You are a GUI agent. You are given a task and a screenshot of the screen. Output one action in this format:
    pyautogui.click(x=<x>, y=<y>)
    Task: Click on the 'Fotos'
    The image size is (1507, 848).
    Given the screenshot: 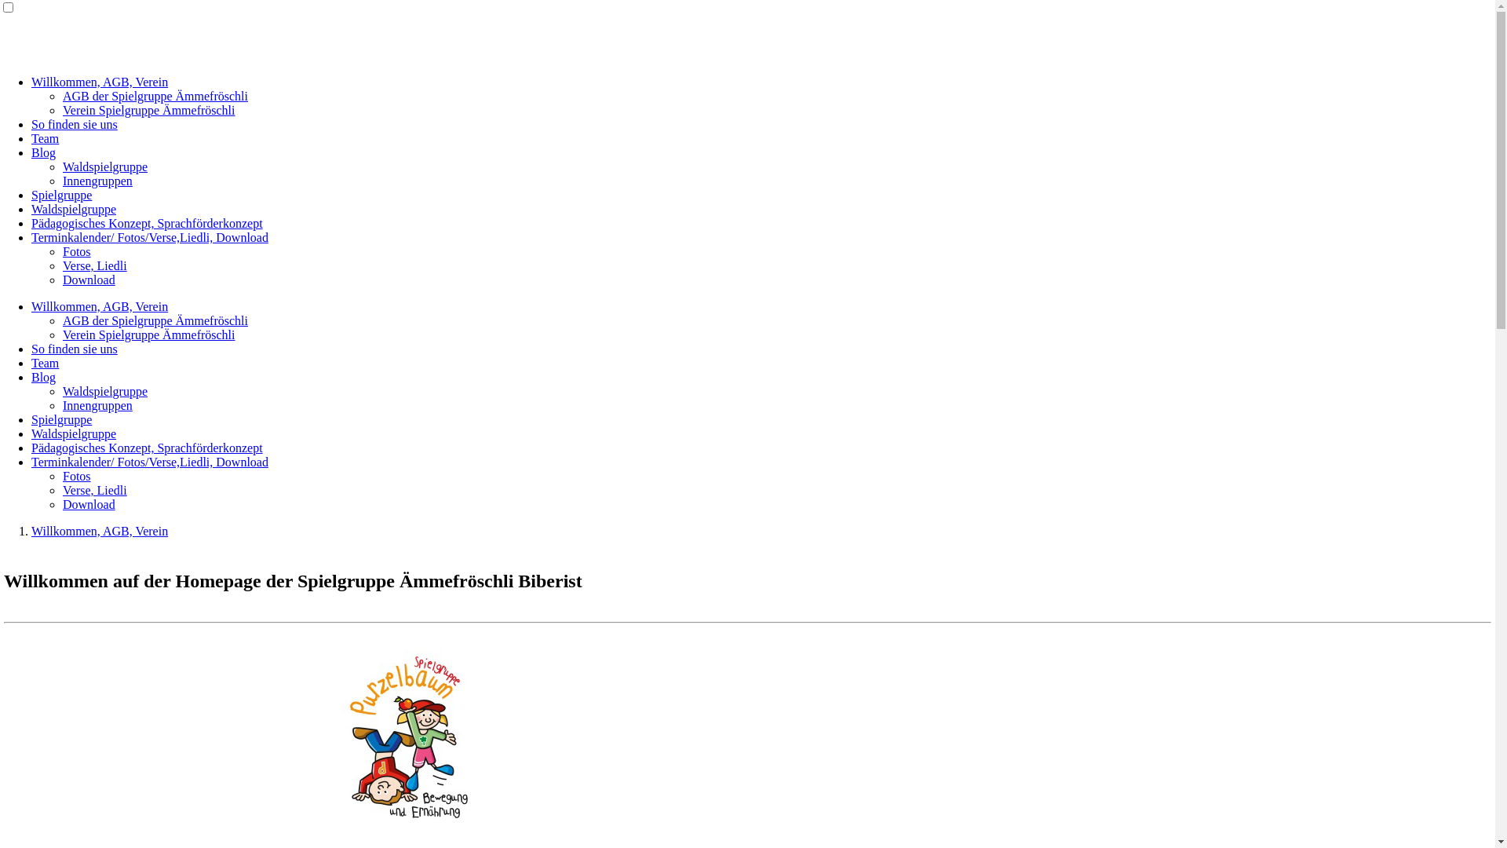 What is the action you would take?
    pyautogui.click(x=75, y=475)
    